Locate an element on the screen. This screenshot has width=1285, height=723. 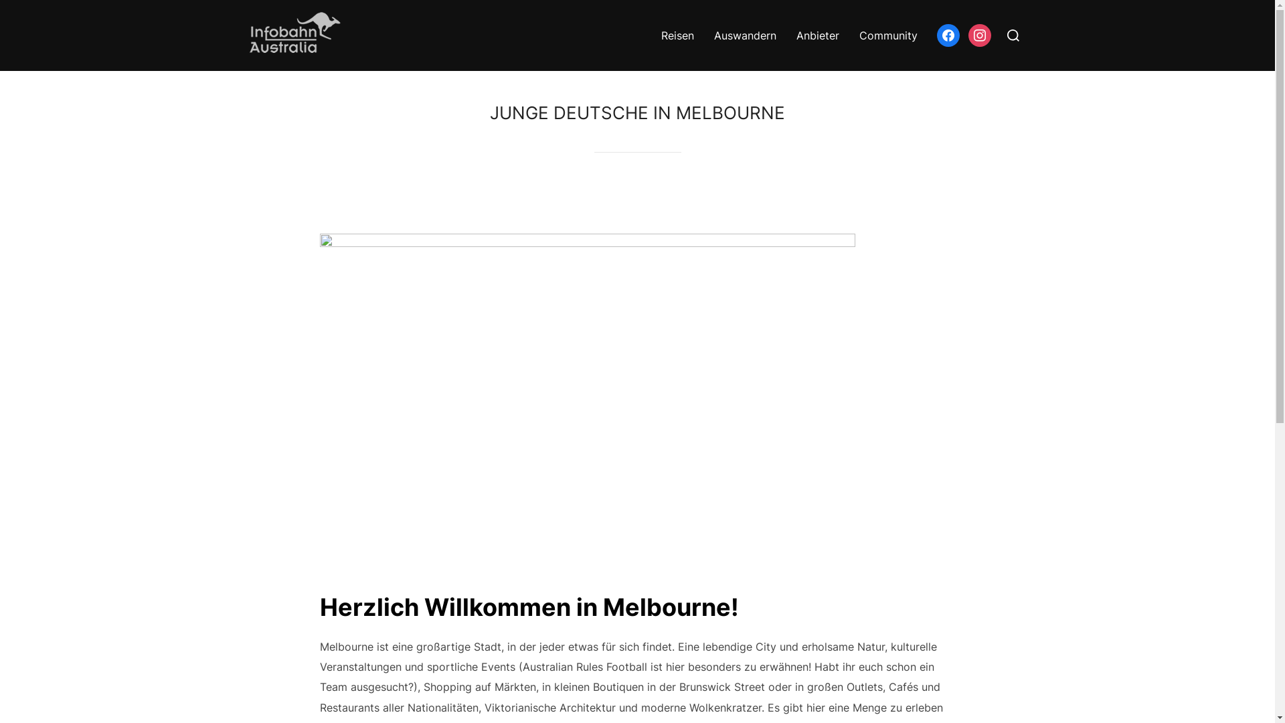
'Auswandern' is located at coordinates (744, 35).